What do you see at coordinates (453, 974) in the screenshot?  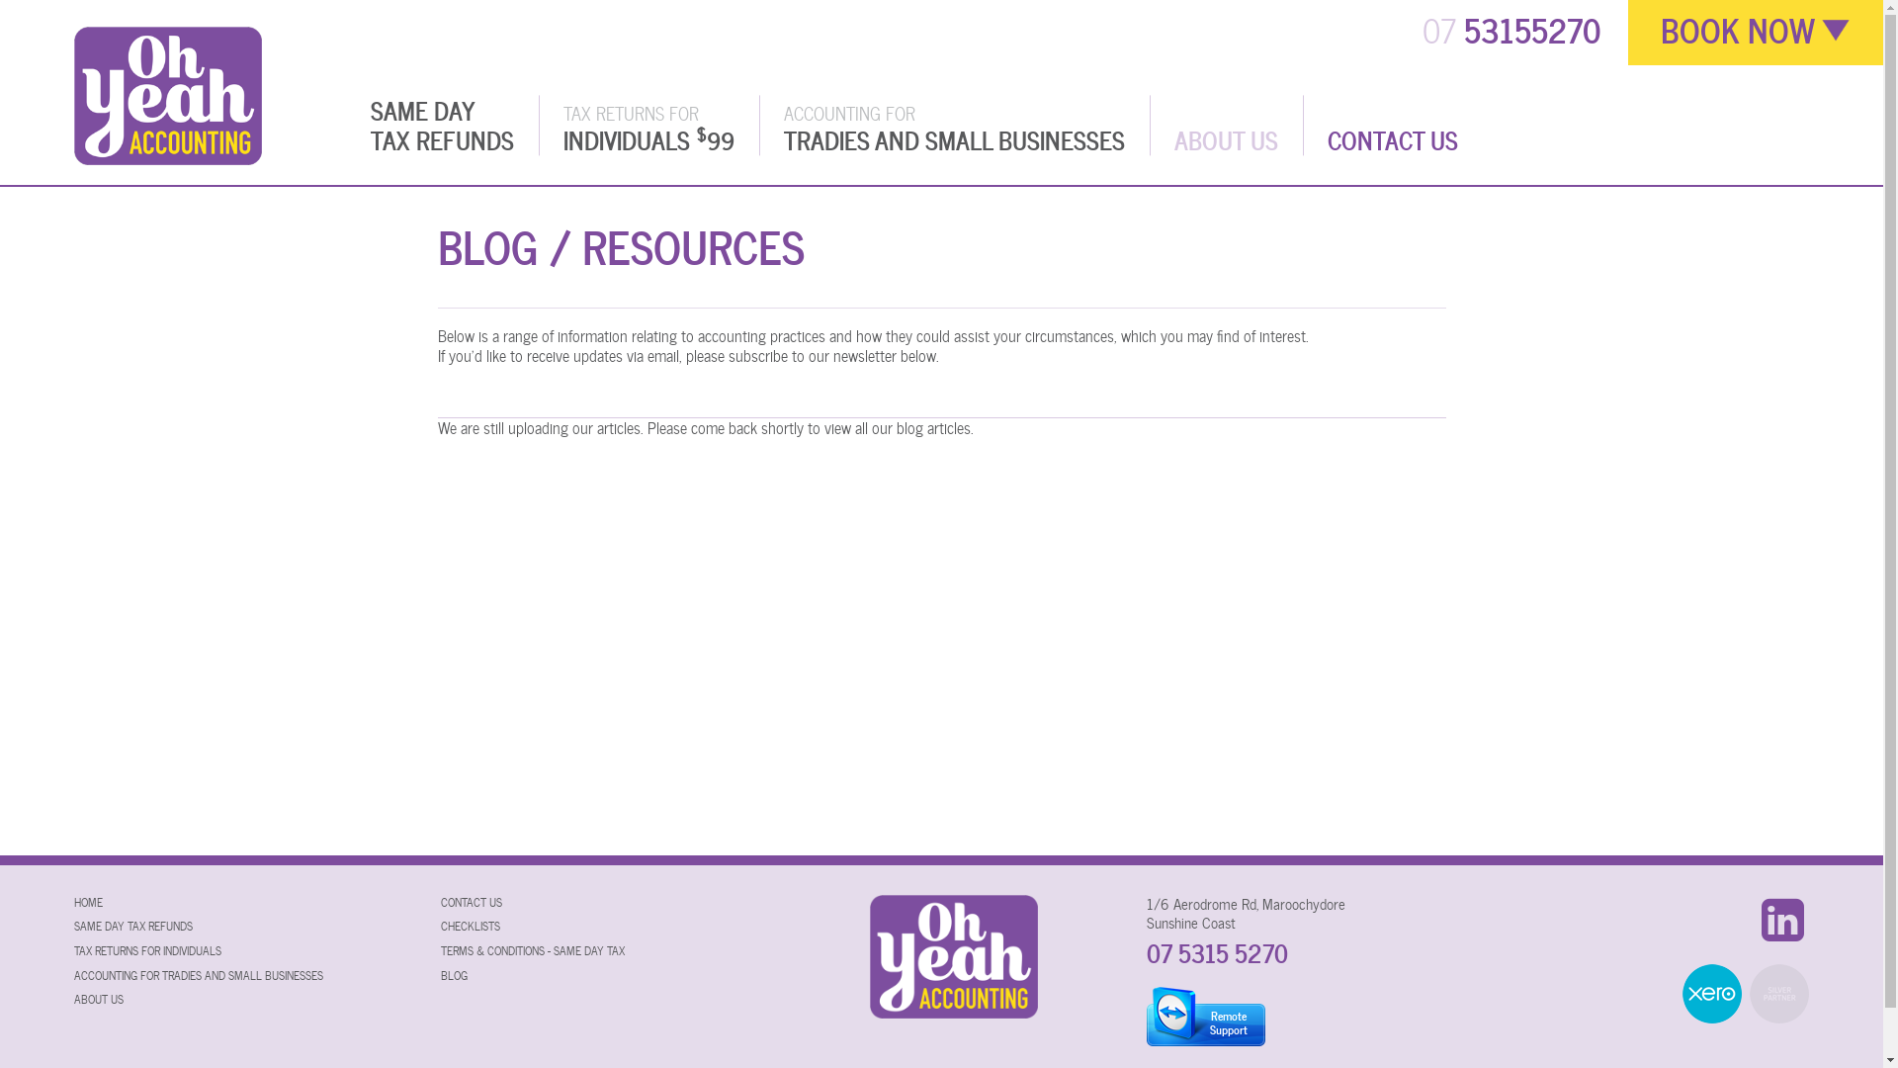 I see `'BLOG'` at bounding box center [453, 974].